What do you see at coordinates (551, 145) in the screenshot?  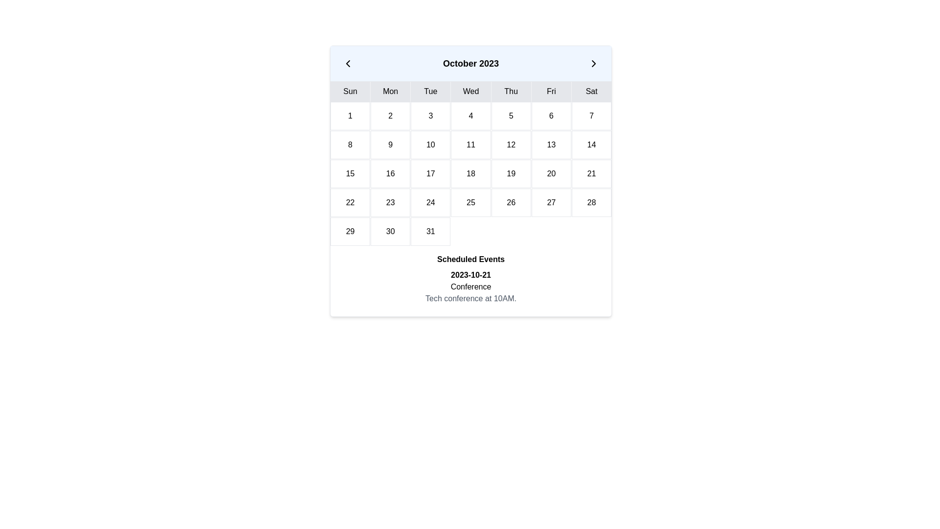 I see `the calendar date cell displaying the number '13' in the sixth column of the second row` at bounding box center [551, 145].